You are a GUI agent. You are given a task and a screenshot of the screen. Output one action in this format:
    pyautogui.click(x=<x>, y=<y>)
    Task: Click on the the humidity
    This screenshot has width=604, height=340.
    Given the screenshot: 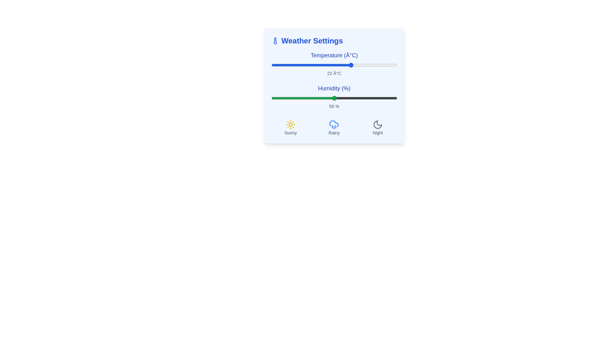 What is the action you would take?
    pyautogui.click(x=355, y=98)
    